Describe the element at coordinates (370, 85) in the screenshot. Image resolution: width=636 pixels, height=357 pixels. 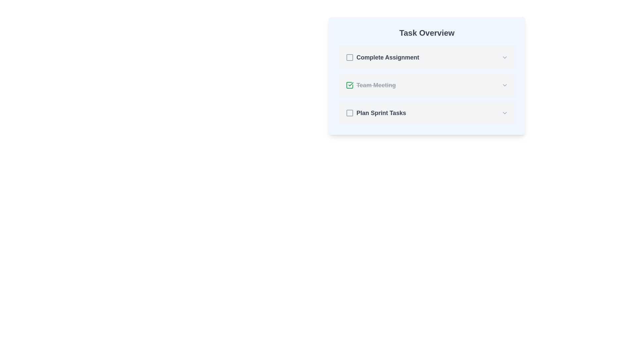
I see `the 'Team Meeting' text label with the green check icon` at that location.